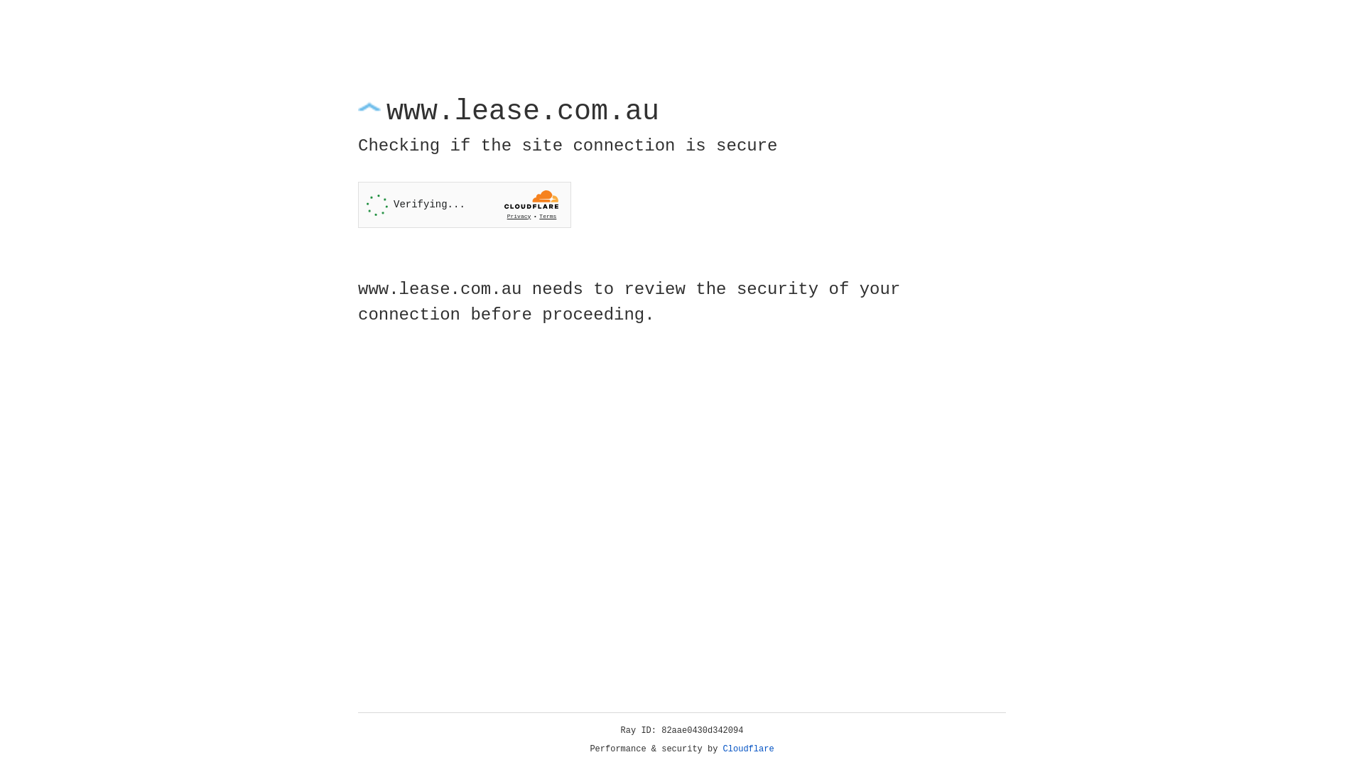 The image size is (1364, 767). Describe the element at coordinates (464, 205) in the screenshot. I see `'Widget containing a Cloudflare security challenge'` at that location.